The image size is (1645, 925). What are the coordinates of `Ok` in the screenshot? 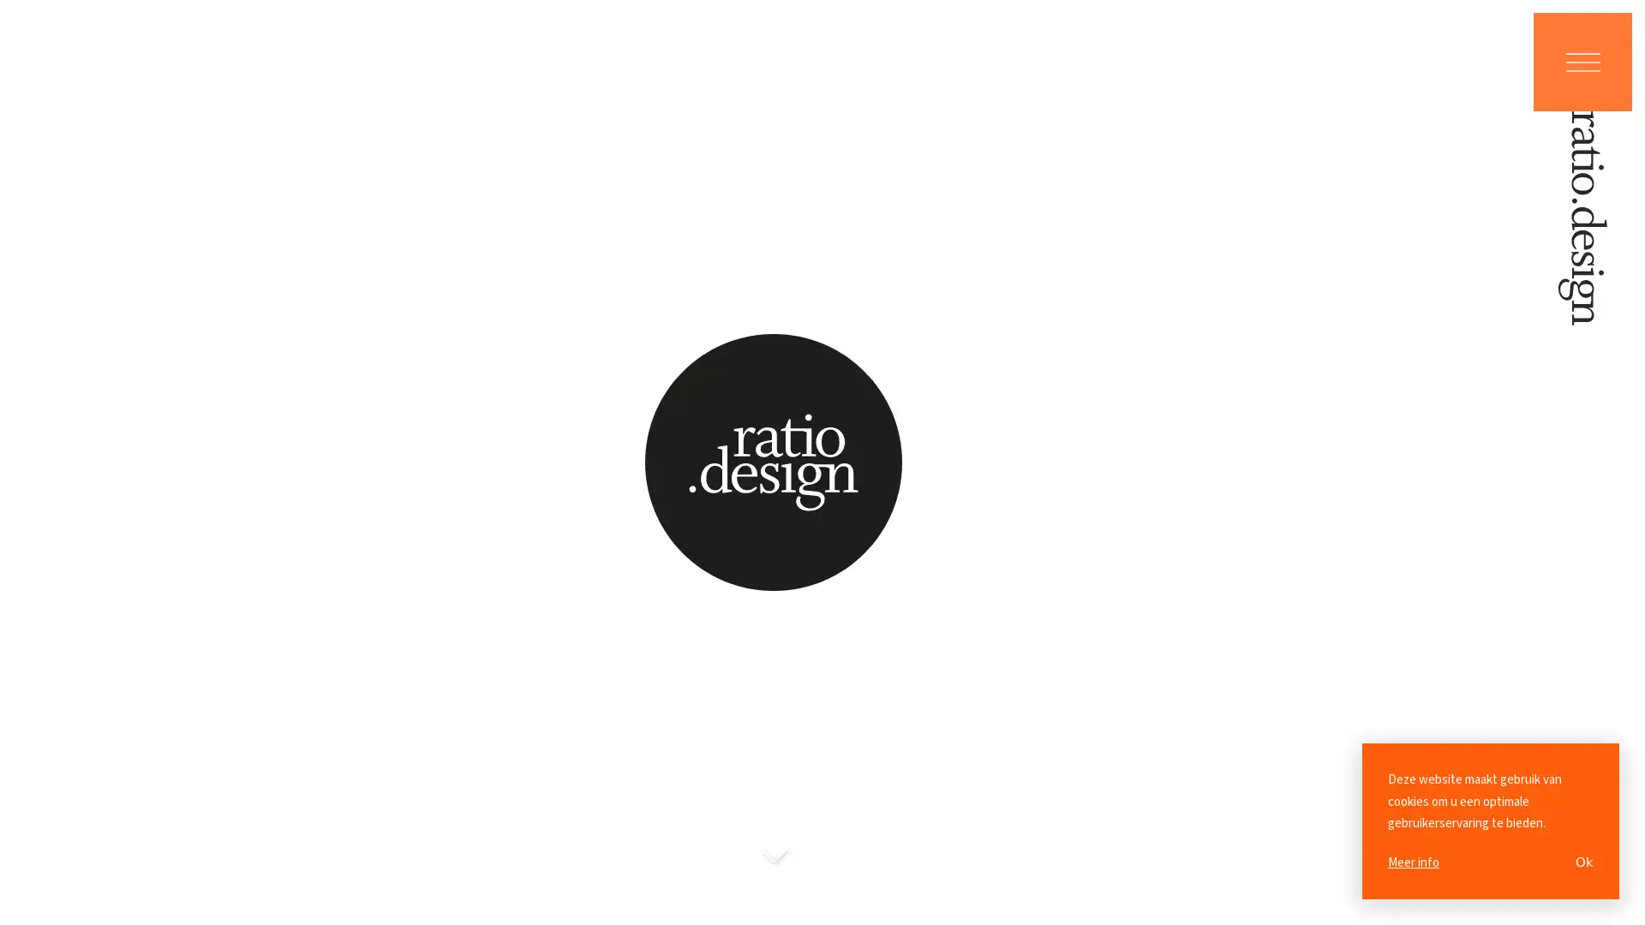 It's located at (1583, 862).